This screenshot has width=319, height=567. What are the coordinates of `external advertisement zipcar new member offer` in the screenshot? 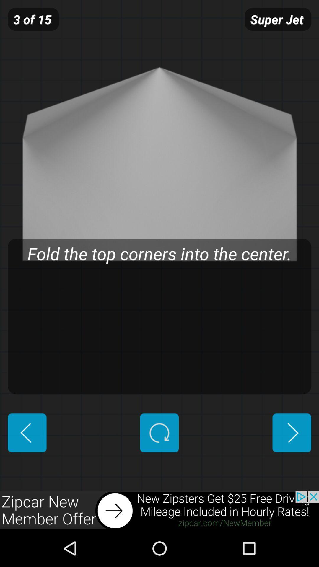 It's located at (159, 510).